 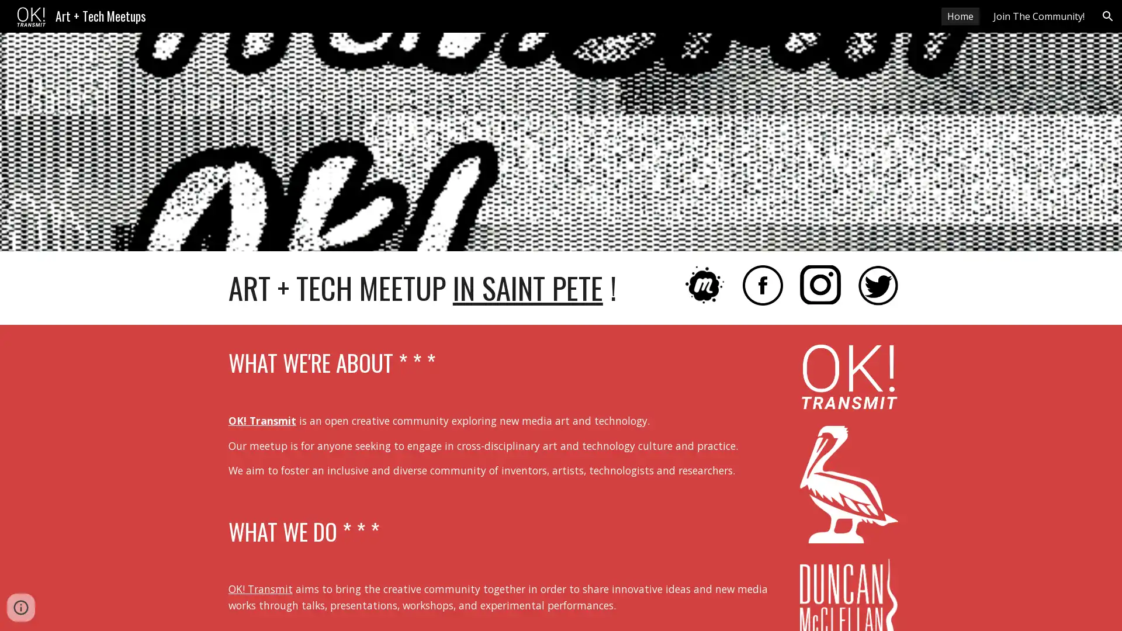 What do you see at coordinates (628, 288) in the screenshot?
I see `Copy heading link` at bounding box center [628, 288].